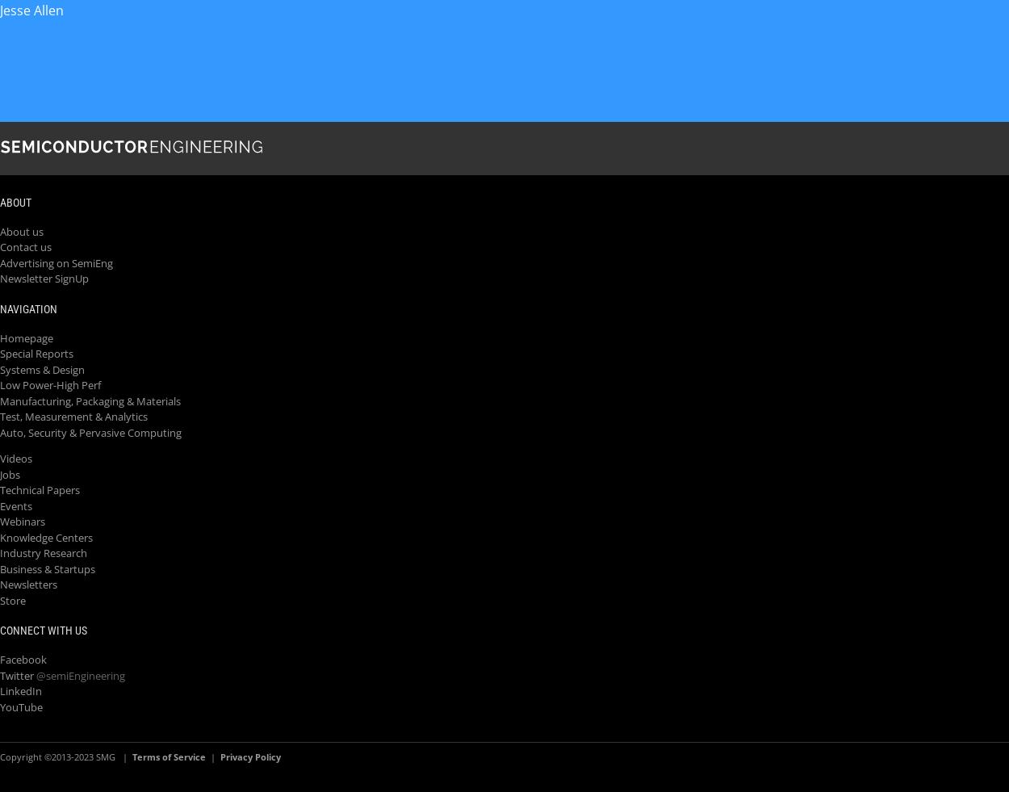 Image resolution: width=1009 pixels, height=792 pixels. Describe the element at coordinates (28, 584) in the screenshot. I see `'Newsletters'` at that location.